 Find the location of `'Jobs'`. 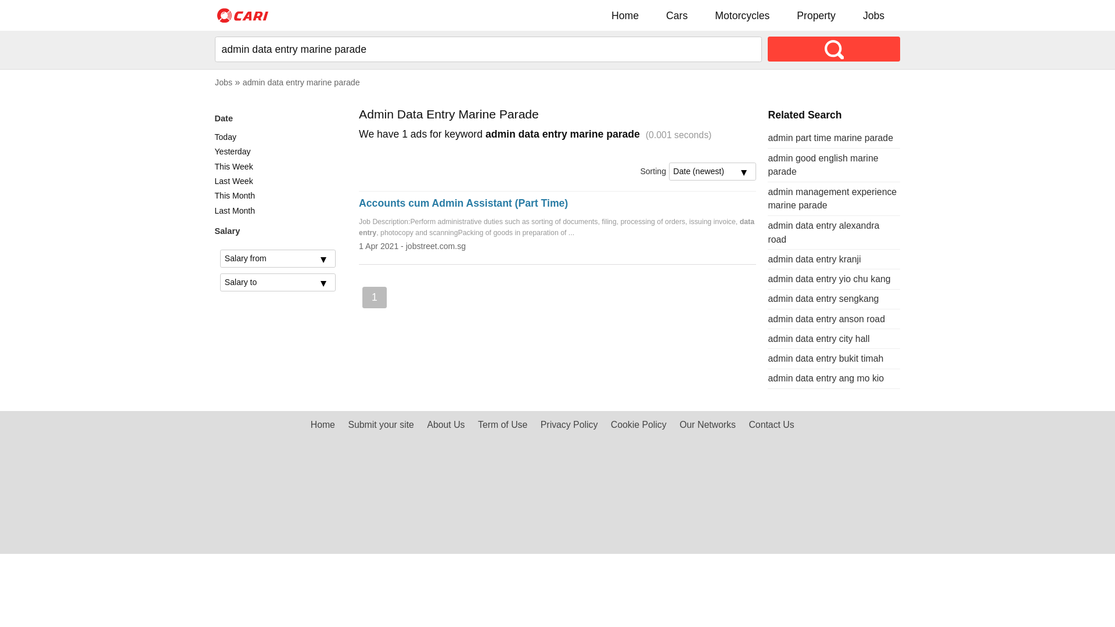

'Jobs' is located at coordinates (873, 15).